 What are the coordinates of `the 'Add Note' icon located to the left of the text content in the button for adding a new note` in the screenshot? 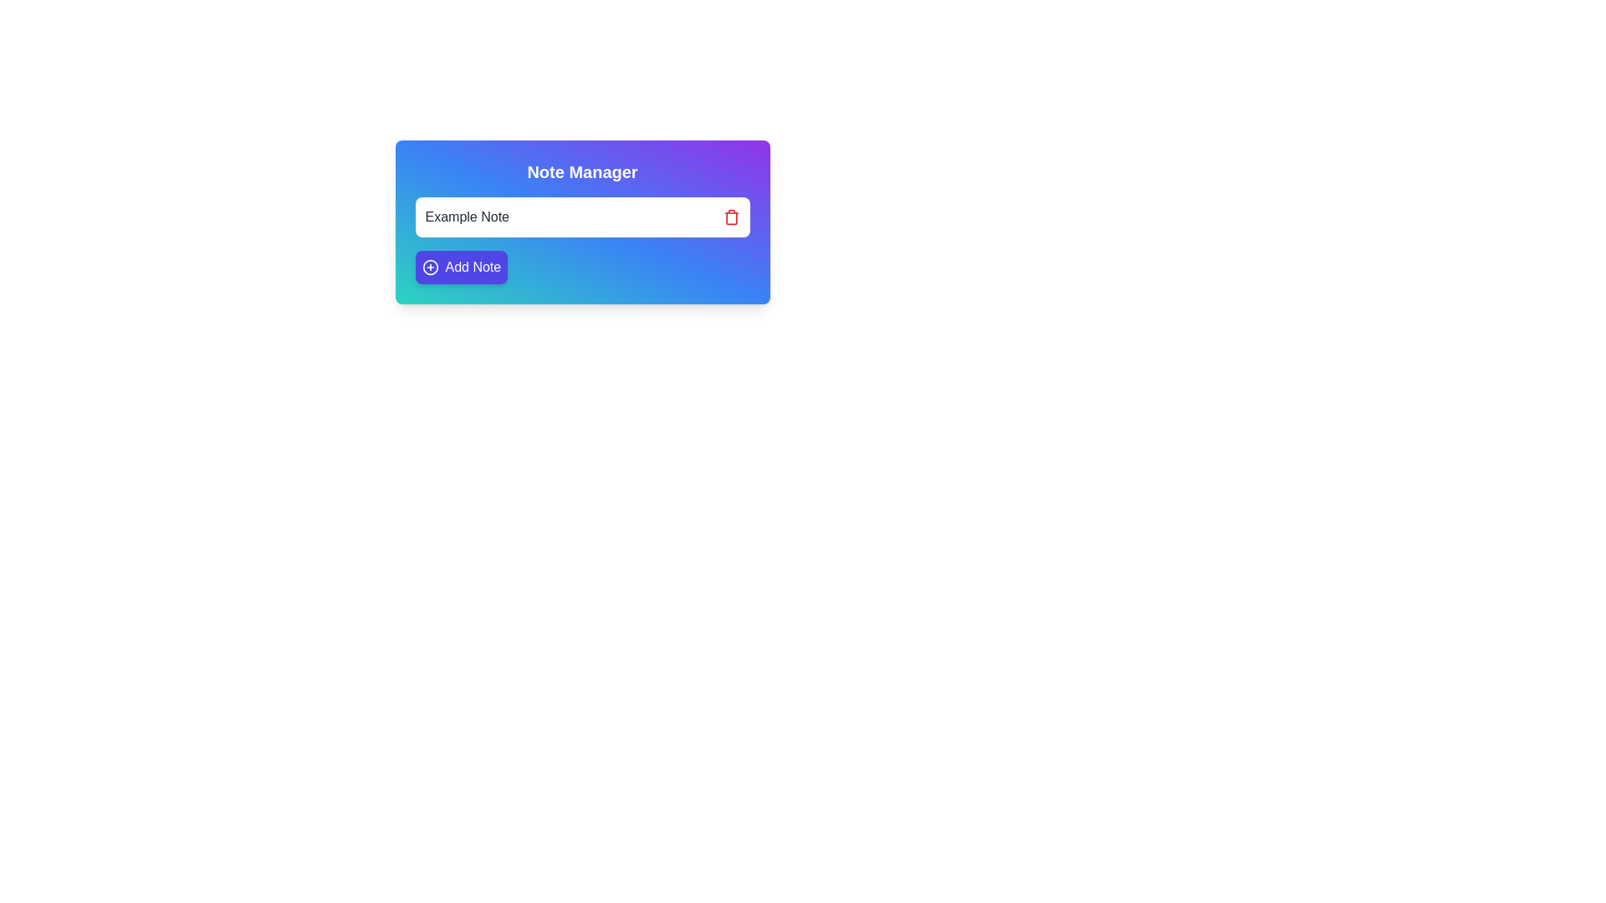 It's located at (430, 267).